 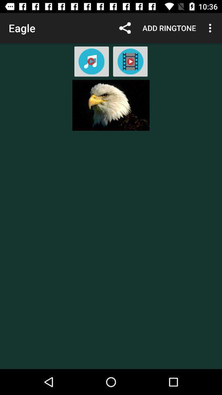 What do you see at coordinates (91, 61) in the screenshot?
I see `the music icon` at bounding box center [91, 61].